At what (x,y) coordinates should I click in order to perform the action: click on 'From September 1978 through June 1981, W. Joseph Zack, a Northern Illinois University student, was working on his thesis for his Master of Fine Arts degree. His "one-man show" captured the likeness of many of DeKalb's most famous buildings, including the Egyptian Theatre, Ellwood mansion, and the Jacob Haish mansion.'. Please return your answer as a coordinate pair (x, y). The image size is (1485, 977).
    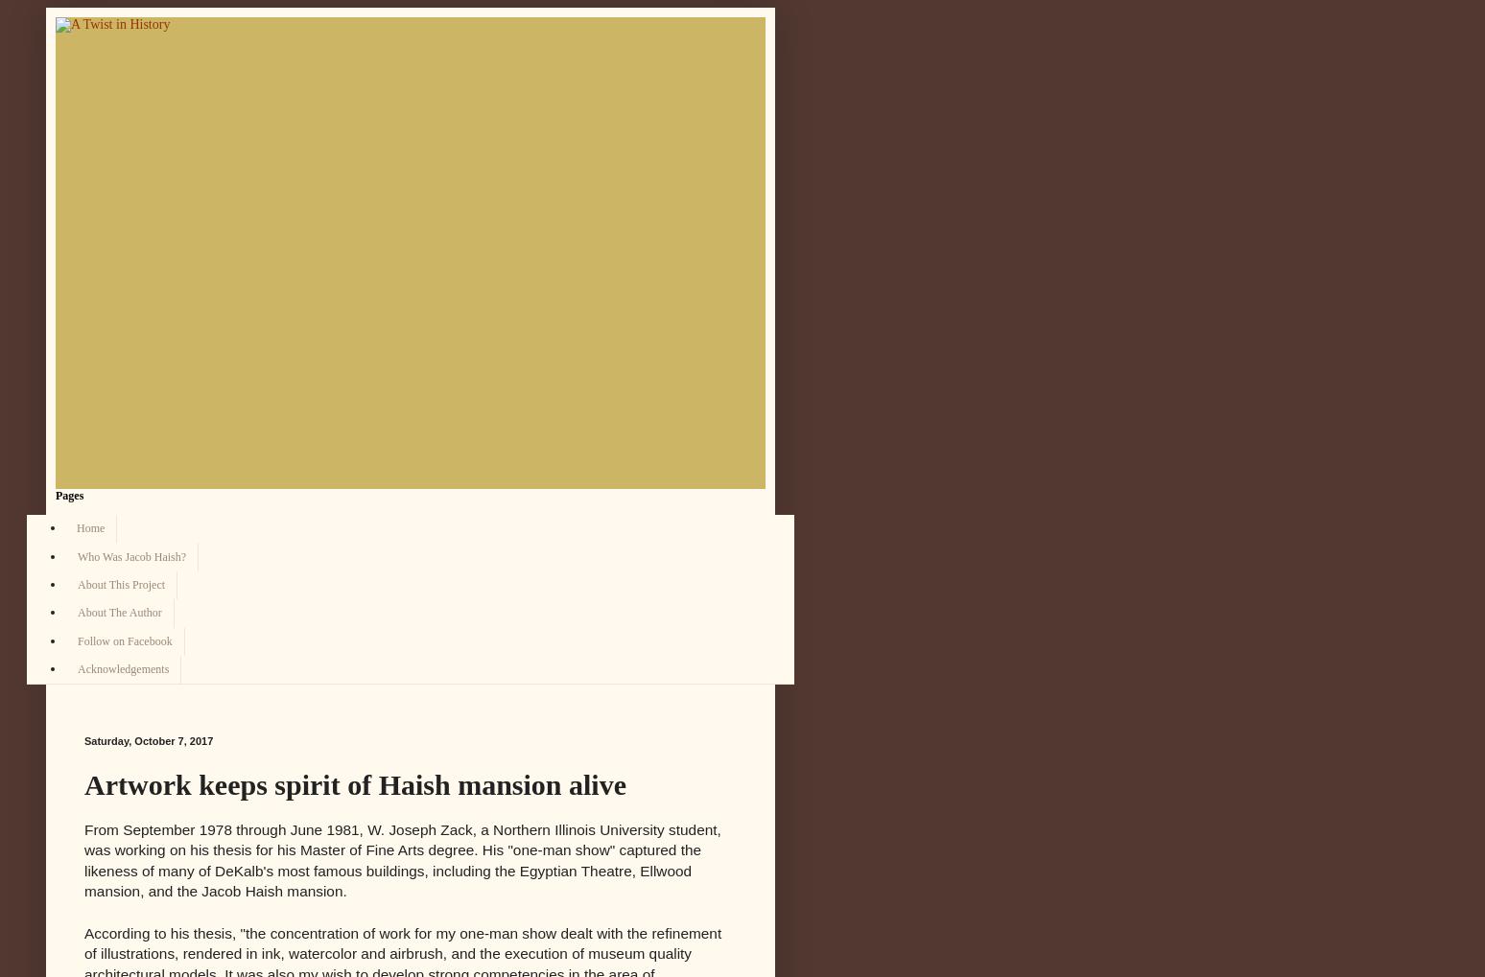
    Looking at the image, I should click on (401, 860).